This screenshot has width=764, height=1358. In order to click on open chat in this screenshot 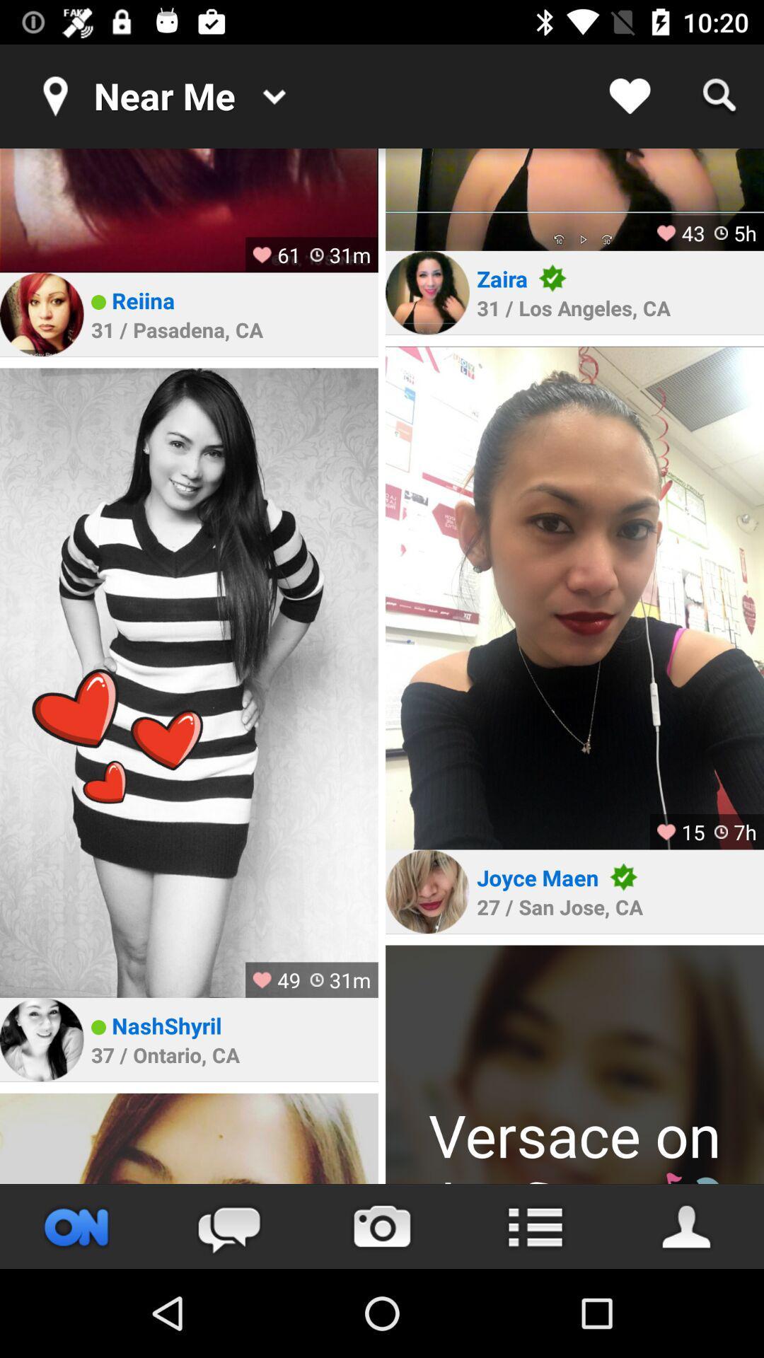, I will do `click(228, 1226)`.